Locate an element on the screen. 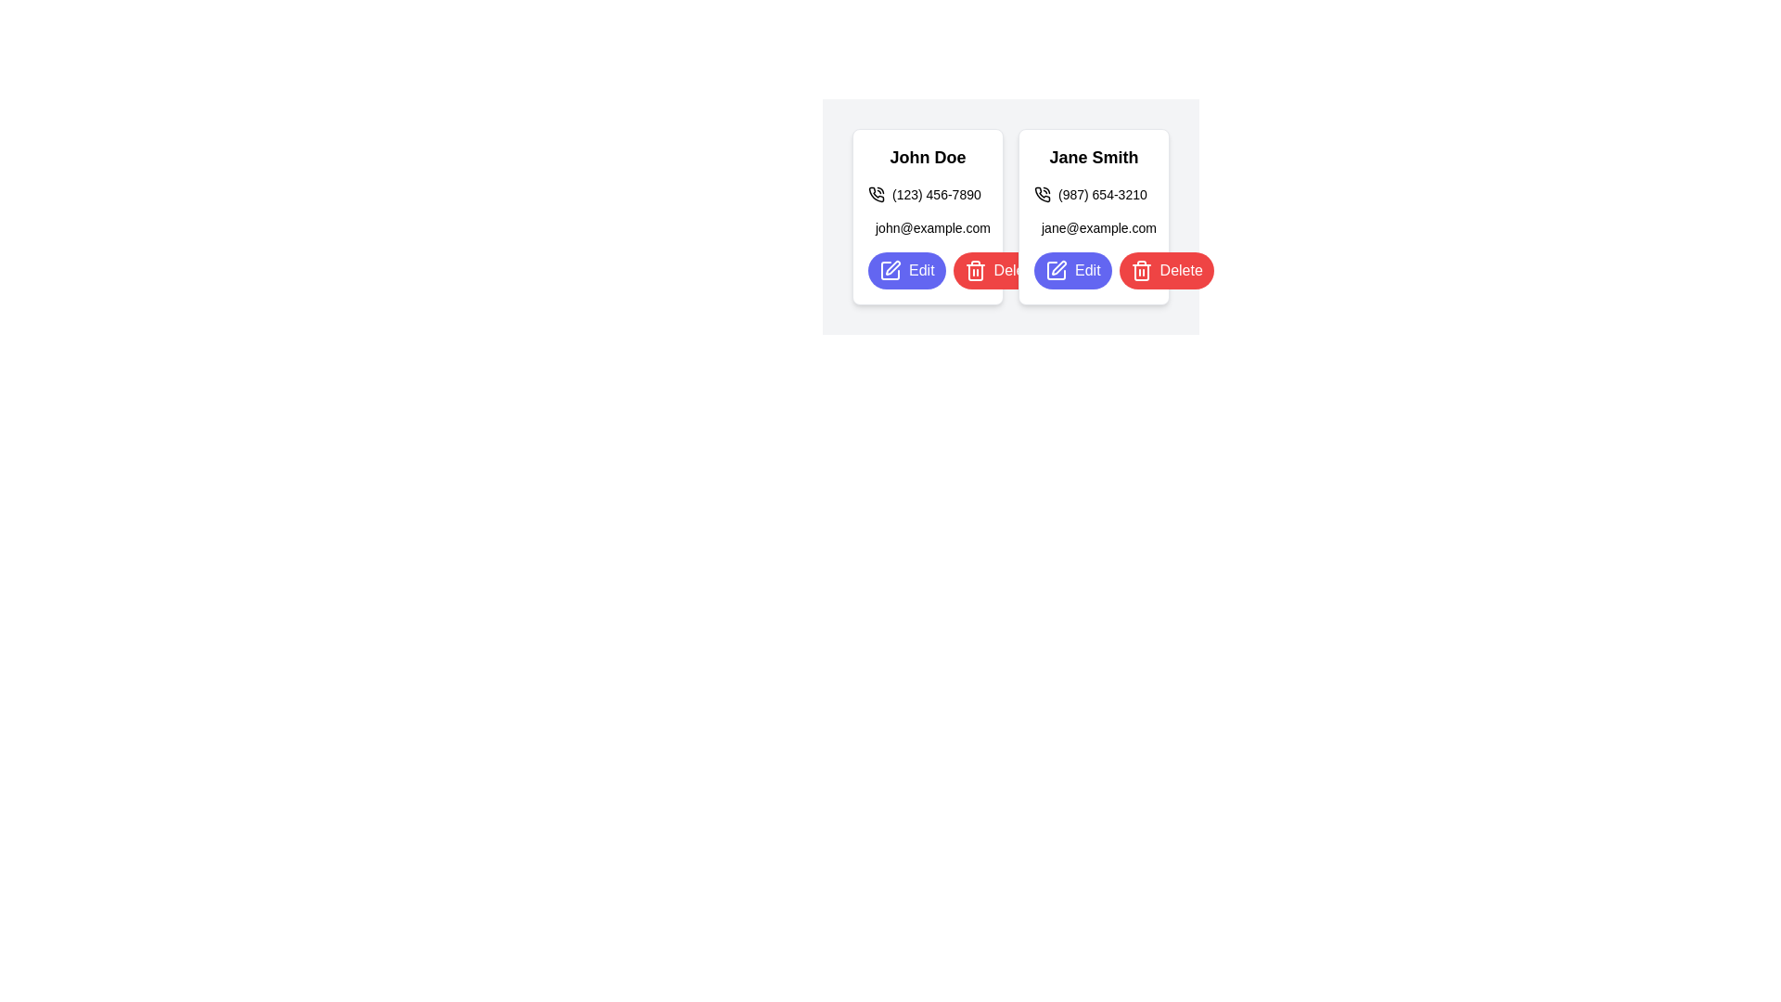  the Phone Number Display element that shows '(987) 654-3210' beneath the name 'Jane Smith' and above the email address in the user card is located at coordinates (1094, 194).